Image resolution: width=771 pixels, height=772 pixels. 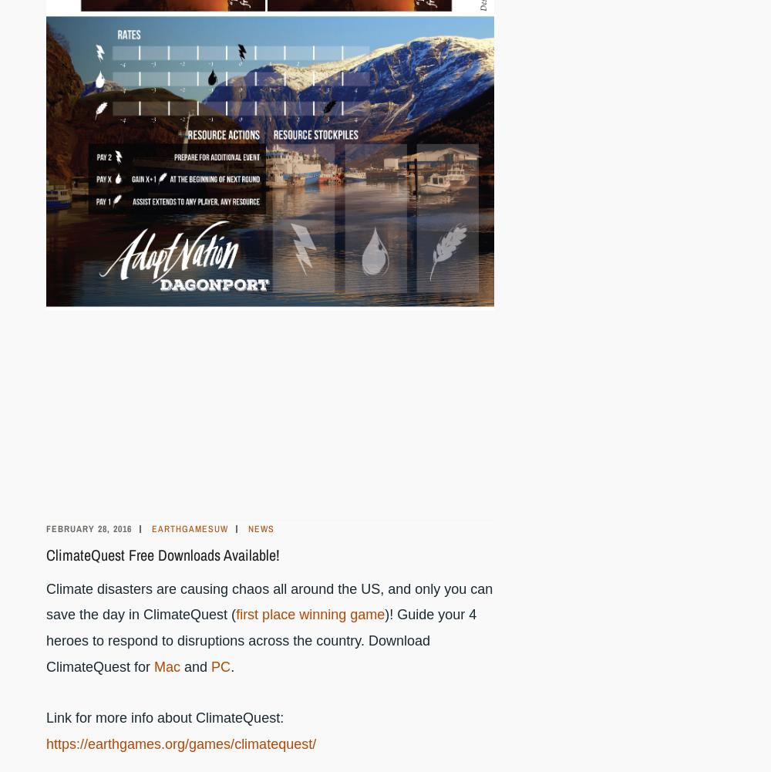 I want to click on 'https://earthgames.org/games/climatequest/', so click(x=180, y=742).